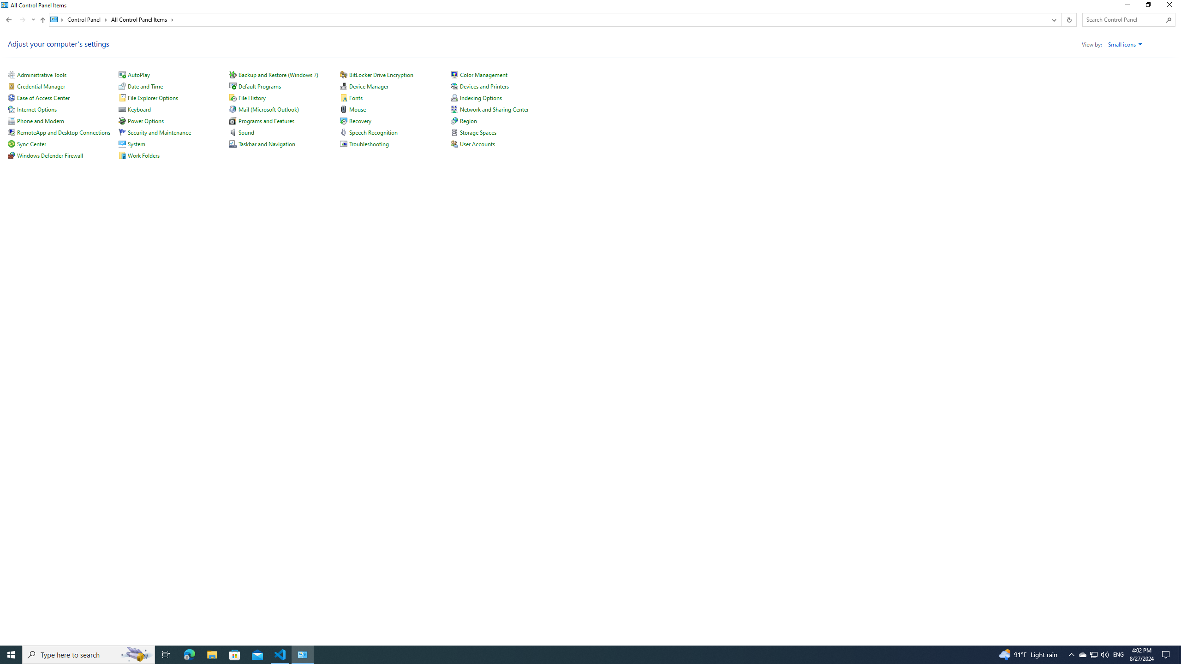  What do you see at coordinates (477, 143) in the screenshot?
I see `'User Accounts'` at bounding box center [477, 143].